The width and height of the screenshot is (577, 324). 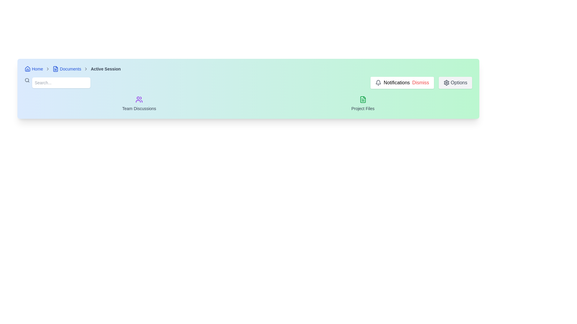 What do you see at coordinates (362, 103) in the screenshot?
I see `the button with a document icon and green outline labeled 'Project Files'` at bounding box center [362, 103].